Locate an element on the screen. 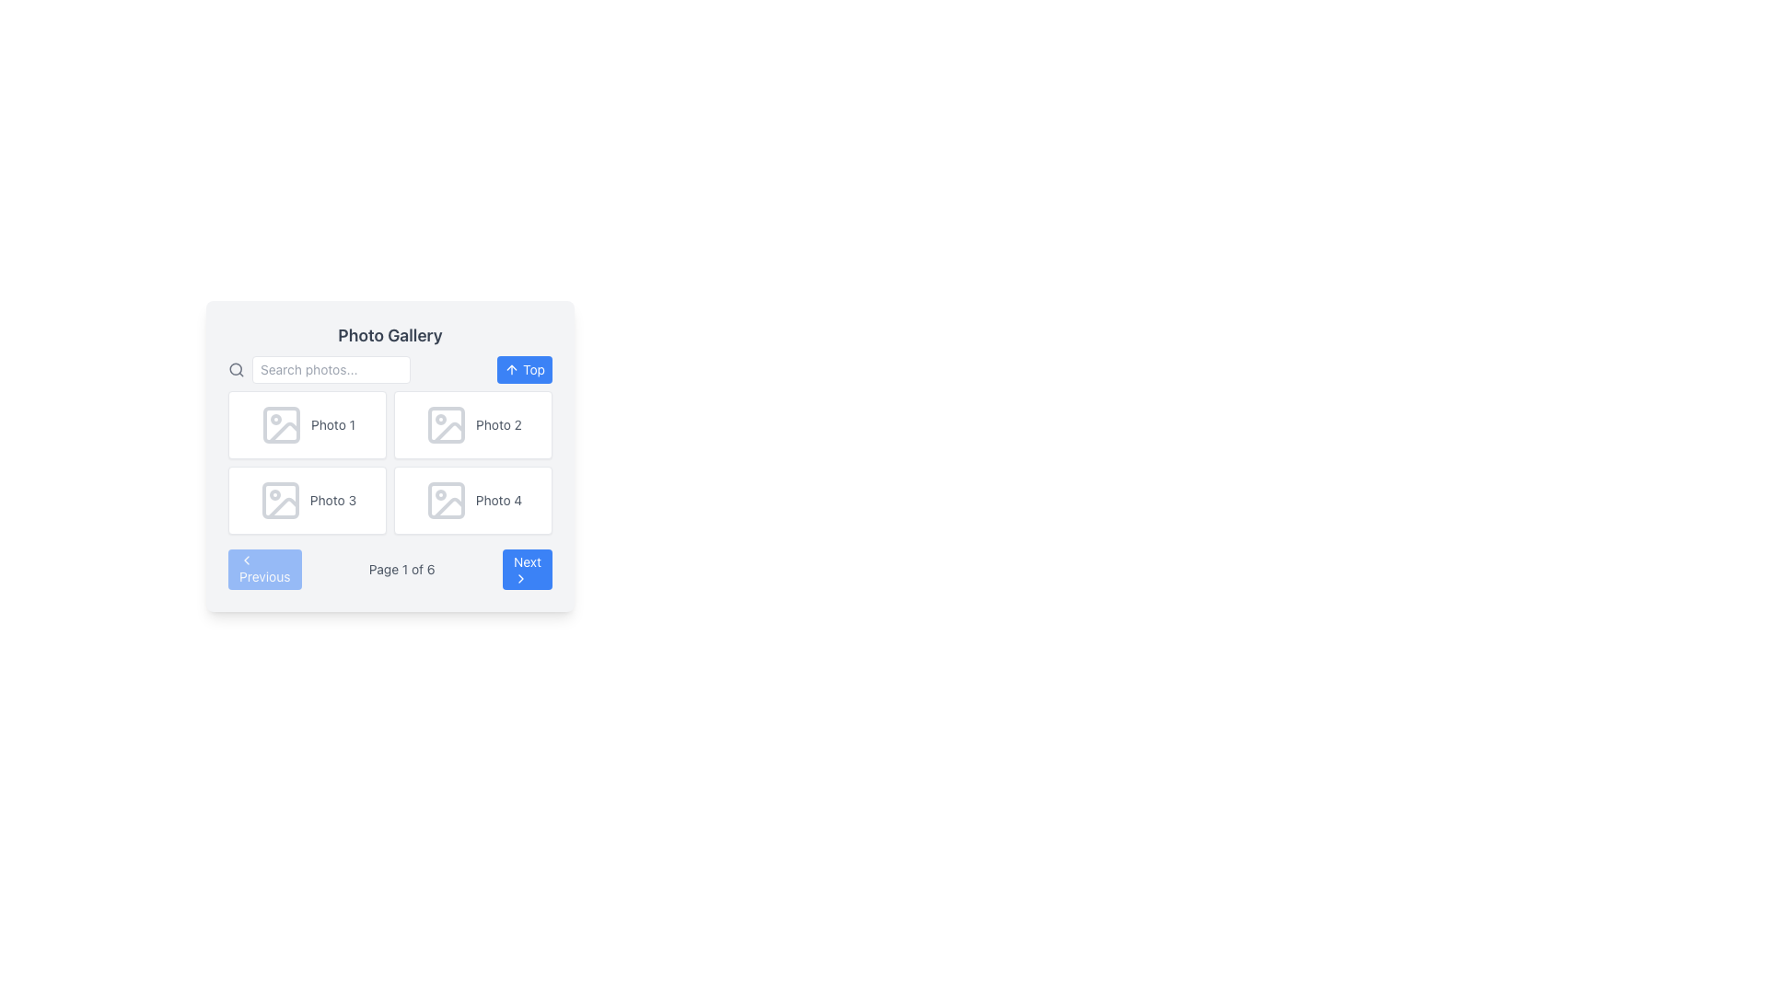 This screenshot has width=1768, height=994. the static text label indicating the current page number in the pagination control, located at the center lower part of the control is located at coordinates (401, 568).